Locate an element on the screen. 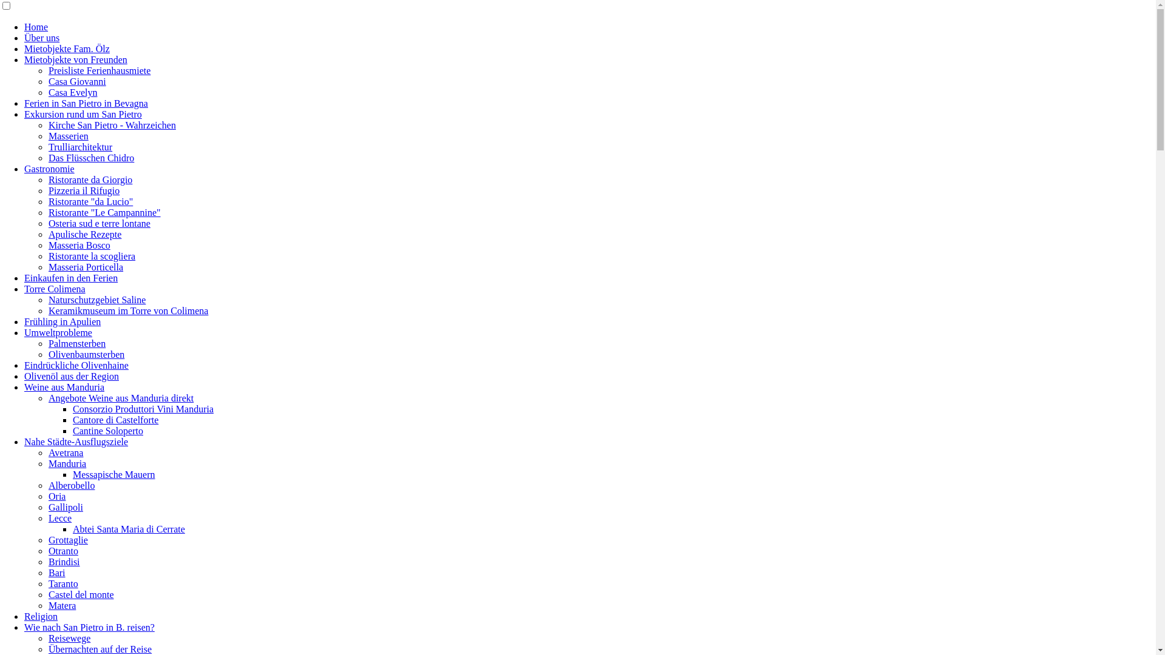 The height and width of the screenshot is (655, 1165). 'Ristorante la scogliera' is located at coordinates (91, 255).